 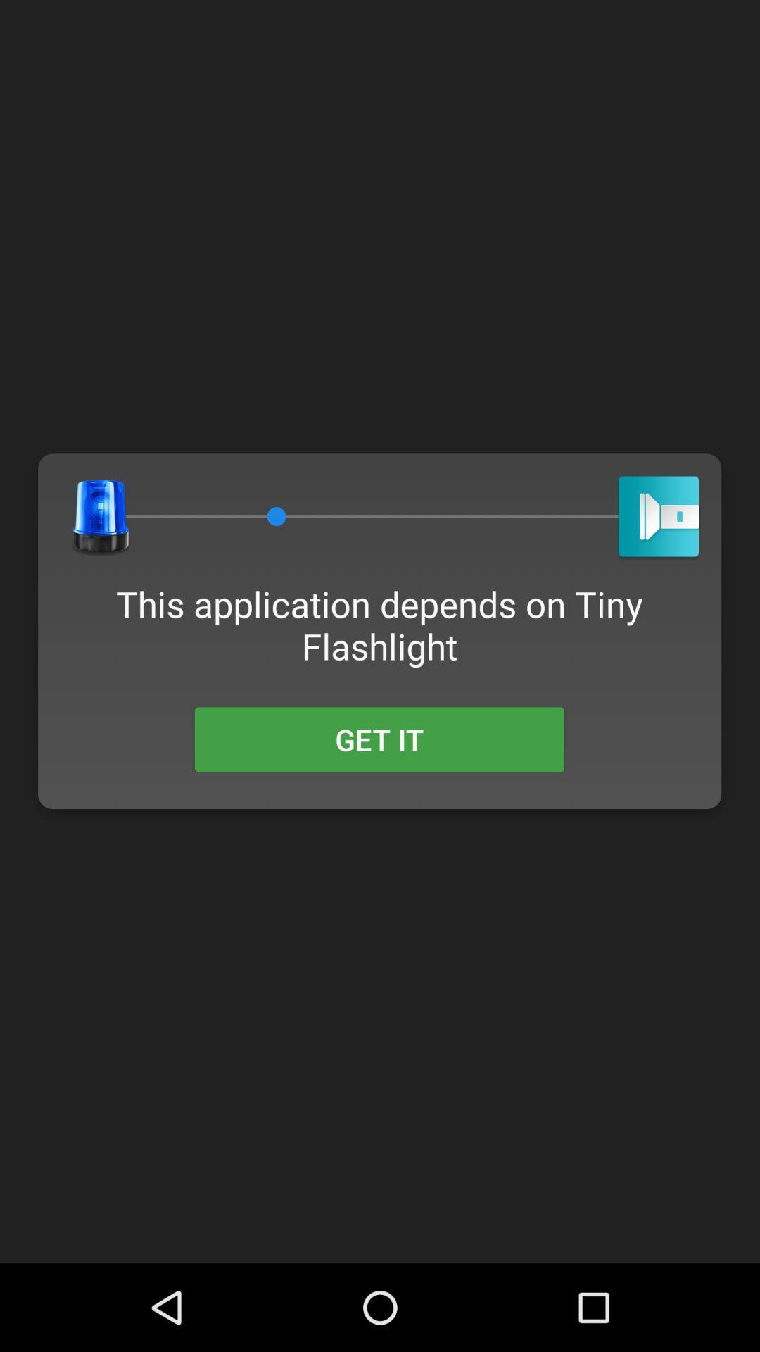 I want to click on the icon below the this application depends app, so click(x=379, y=739).